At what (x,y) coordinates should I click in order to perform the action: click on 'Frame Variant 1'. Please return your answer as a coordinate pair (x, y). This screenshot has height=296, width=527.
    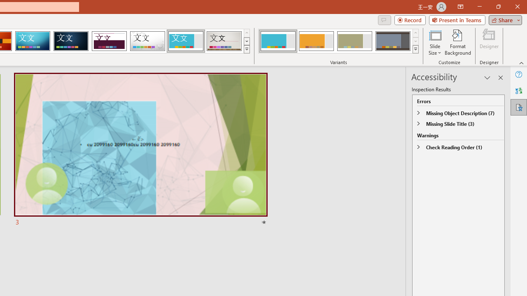
    Looking at the image, I should click on (278, 41).